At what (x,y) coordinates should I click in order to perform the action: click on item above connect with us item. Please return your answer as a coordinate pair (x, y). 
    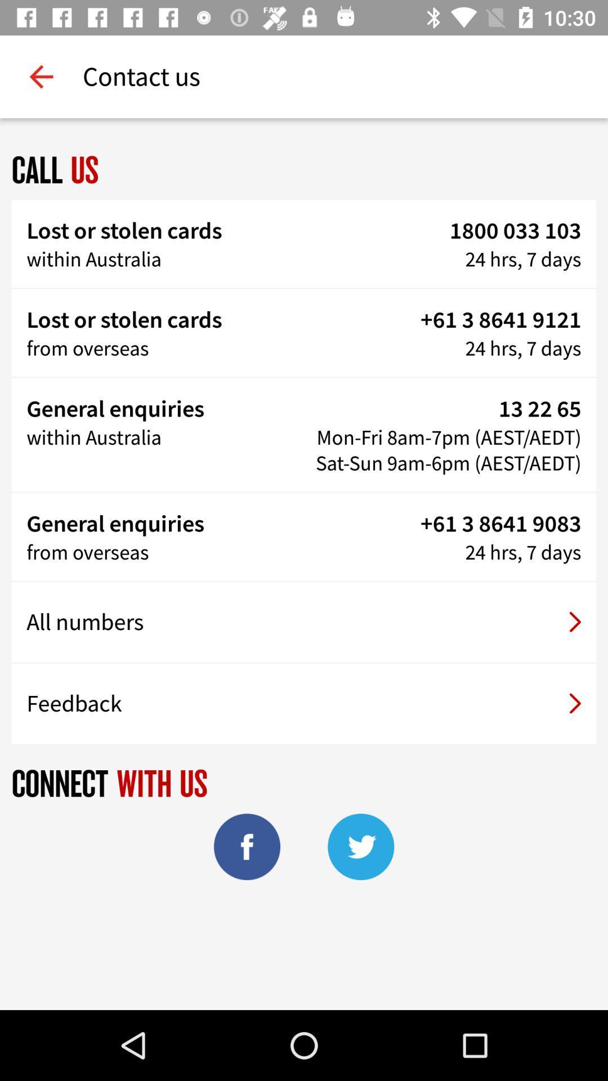
    Looking at the image, I should click on (304, 703).